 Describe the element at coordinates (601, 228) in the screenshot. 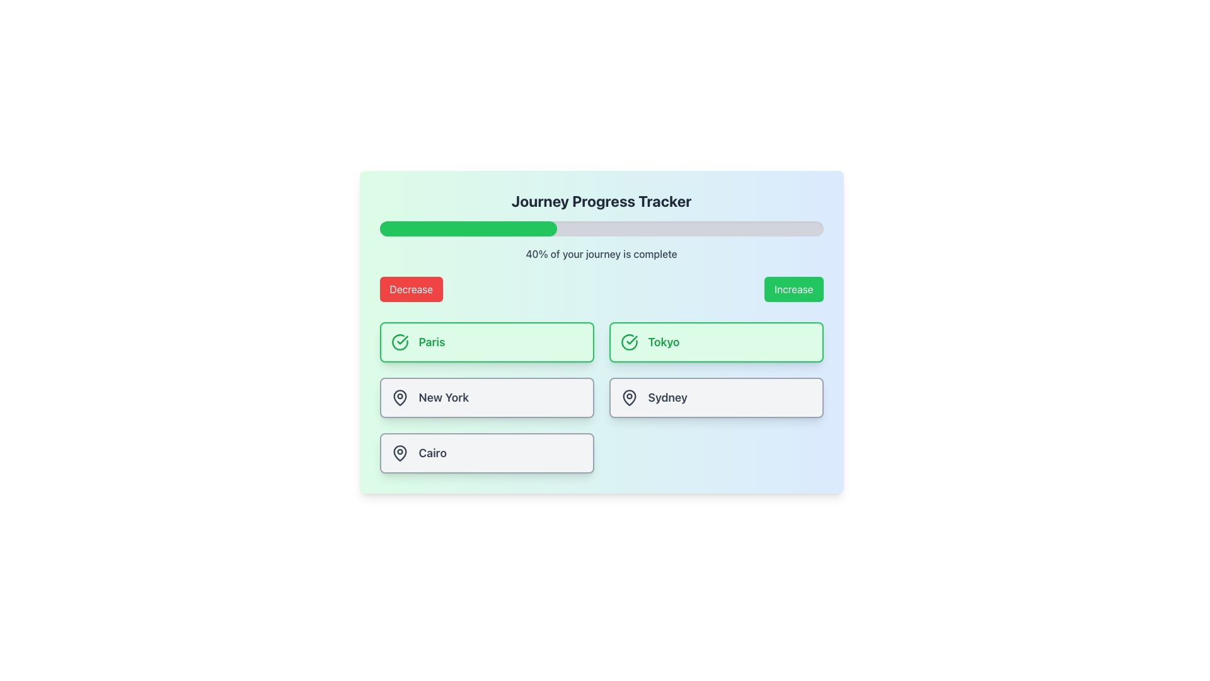

I see `the progress represented by the horizontal progress bar located below the title 'Journey Progress Tracker' and above the text '40% of your journey is complete'` at that location.